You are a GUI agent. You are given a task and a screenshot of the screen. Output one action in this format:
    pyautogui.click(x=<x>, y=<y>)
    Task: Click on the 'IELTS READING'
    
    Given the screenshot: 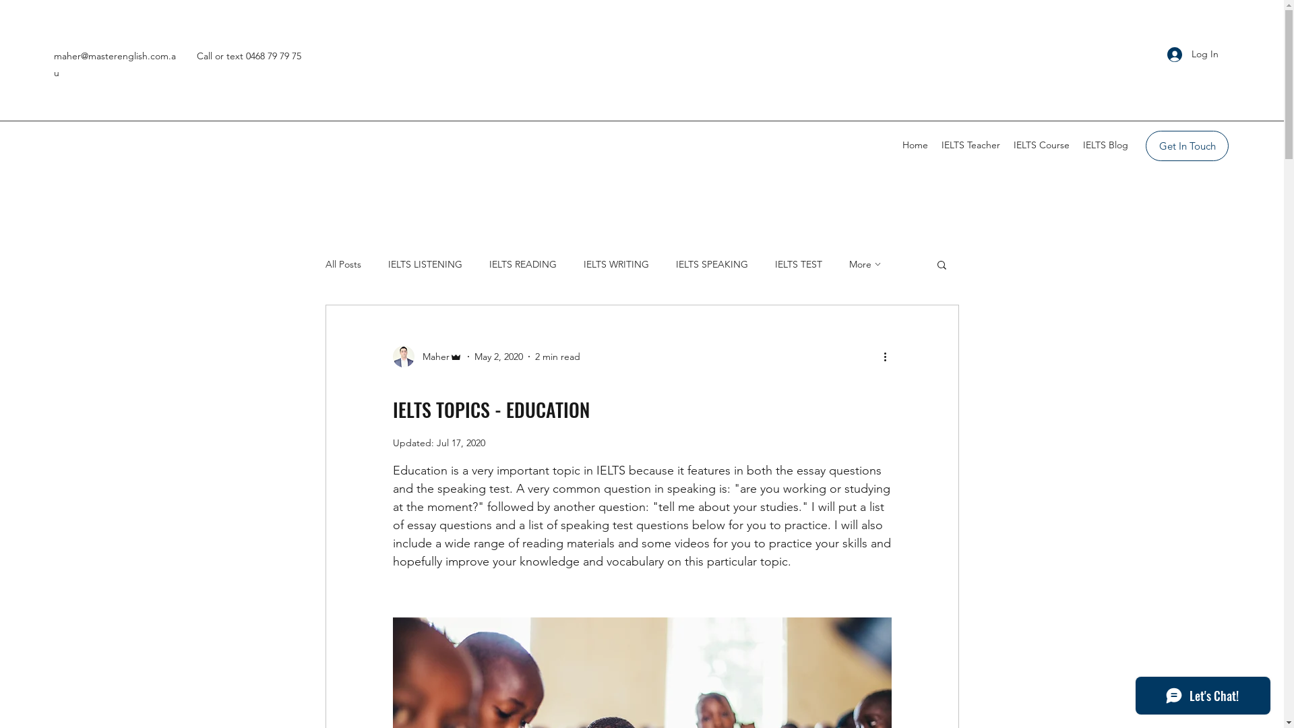 What is the action you would take?
    pyautogui.click(x=522, y=264)
    